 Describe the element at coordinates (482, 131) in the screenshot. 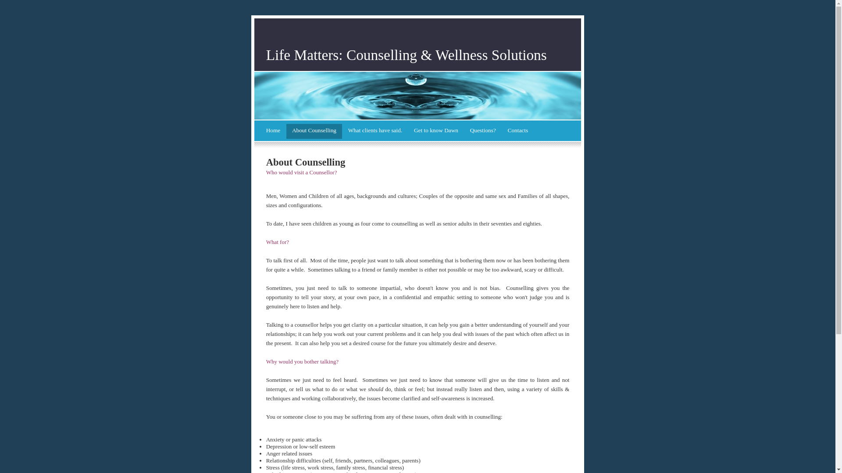

I see `'Questions?'` at that location.